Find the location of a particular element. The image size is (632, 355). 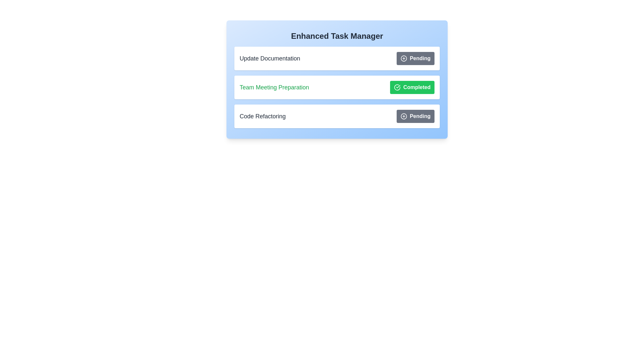

the button corresponding to the task Update Documentation is located at coordinates (415, 58).